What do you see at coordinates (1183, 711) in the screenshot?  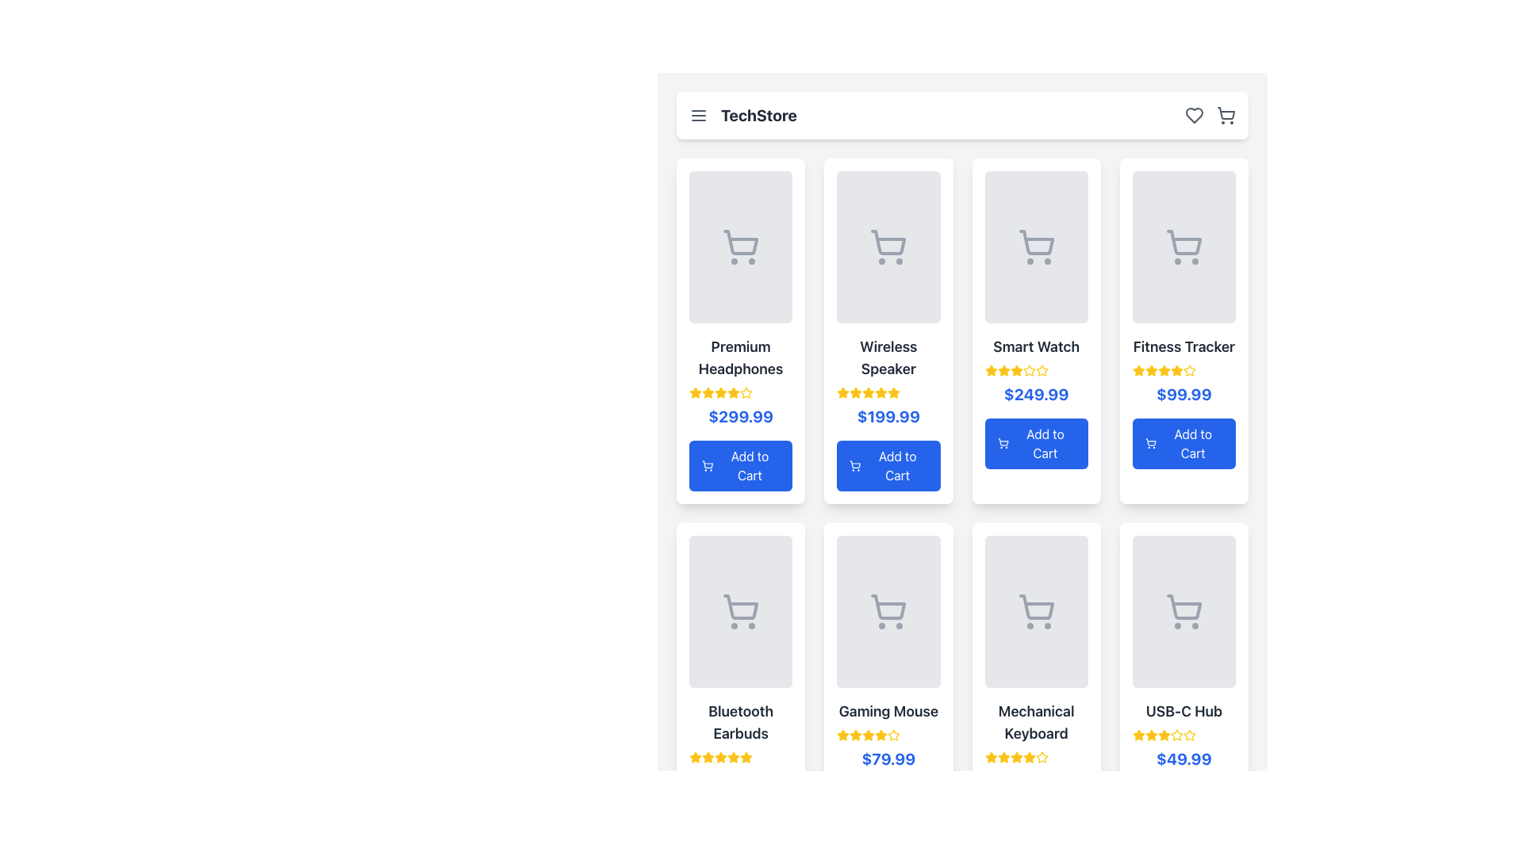 I see `the text label displaying 'USB-C Hub', which is located in the bottom-right corner of a product card above the price '$49.99'` at bounding box center [1183, 711].